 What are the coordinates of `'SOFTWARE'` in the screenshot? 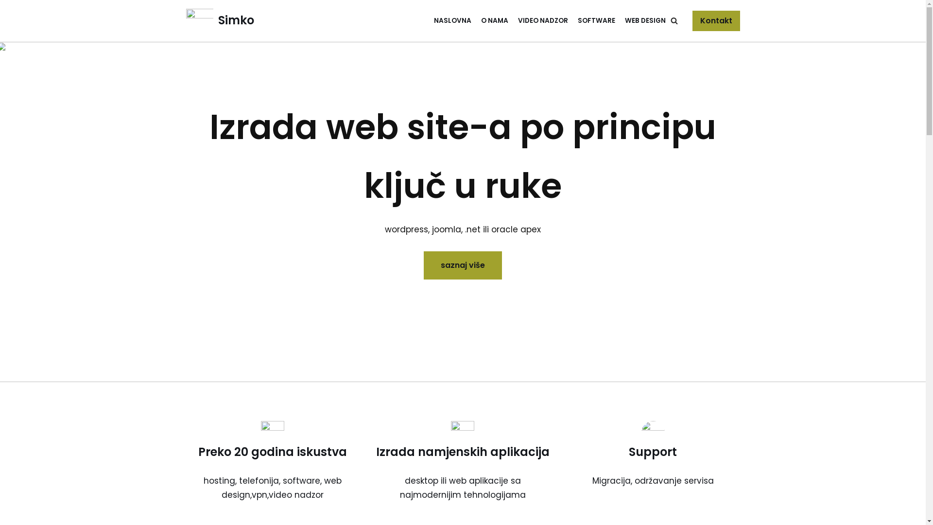 It's located at (595, 20).